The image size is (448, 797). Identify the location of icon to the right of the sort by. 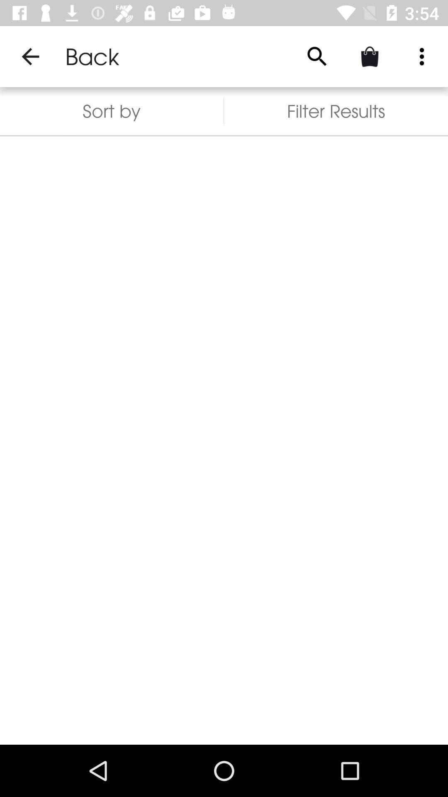
(317, 56).